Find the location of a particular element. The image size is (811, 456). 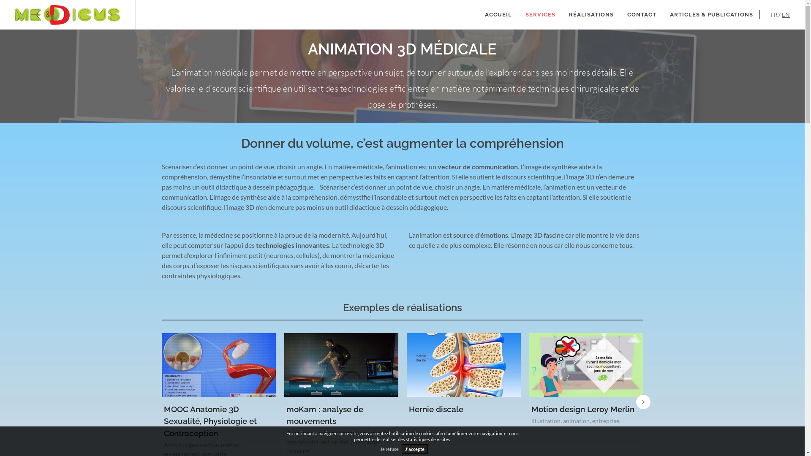

'ACCUEIL' is located at coordinates (478, 14).